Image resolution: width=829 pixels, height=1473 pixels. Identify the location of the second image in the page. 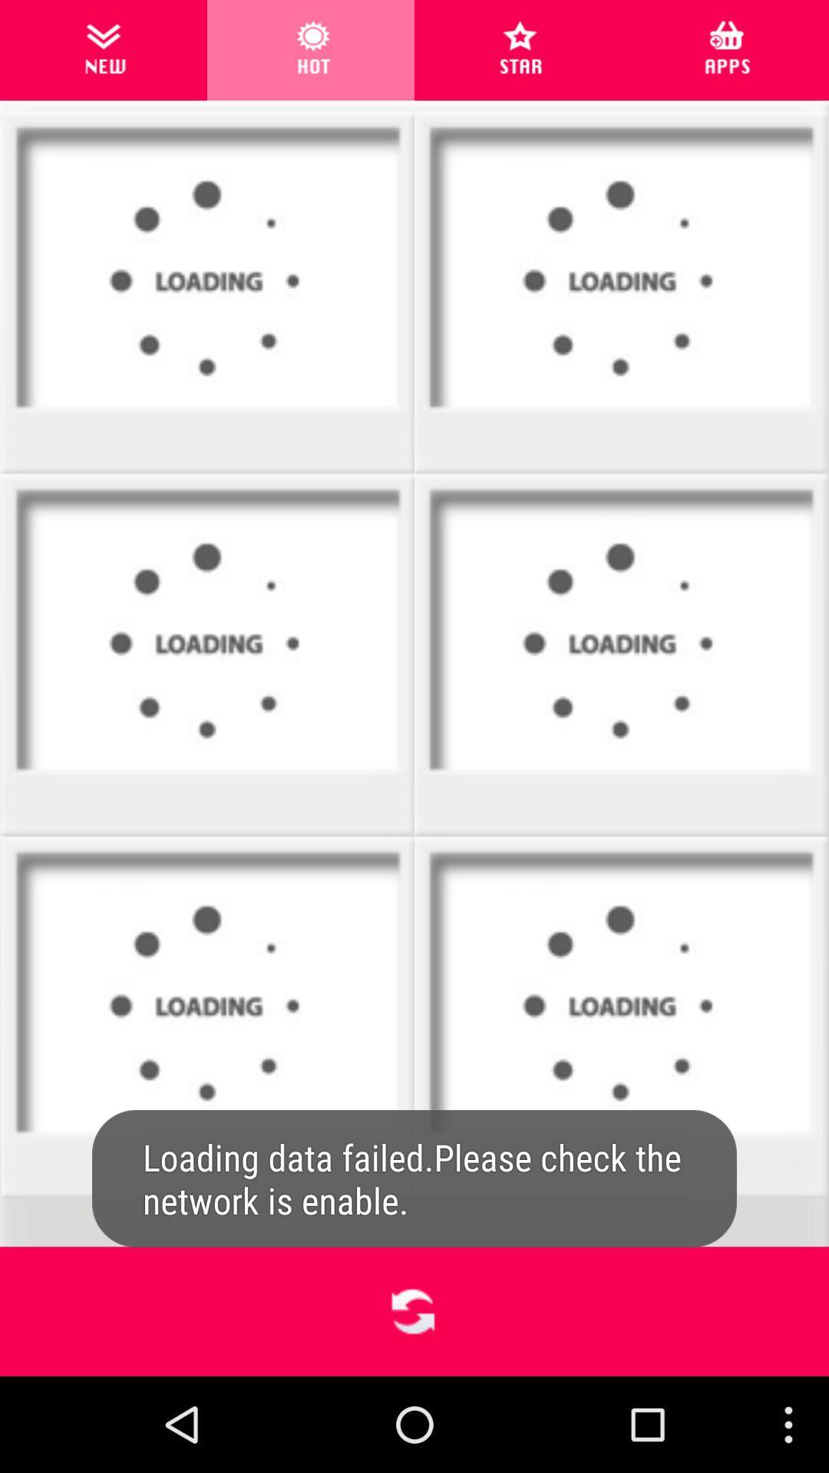
(620, 293).